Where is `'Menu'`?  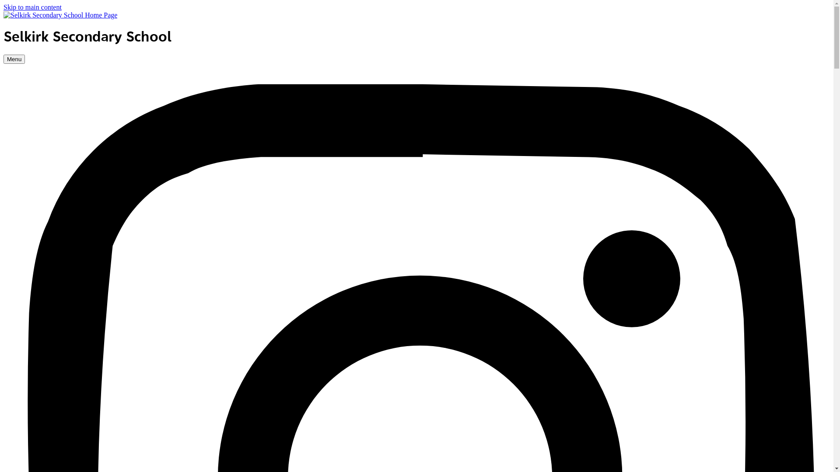
'Menu' is located at coordinates (14, 59).